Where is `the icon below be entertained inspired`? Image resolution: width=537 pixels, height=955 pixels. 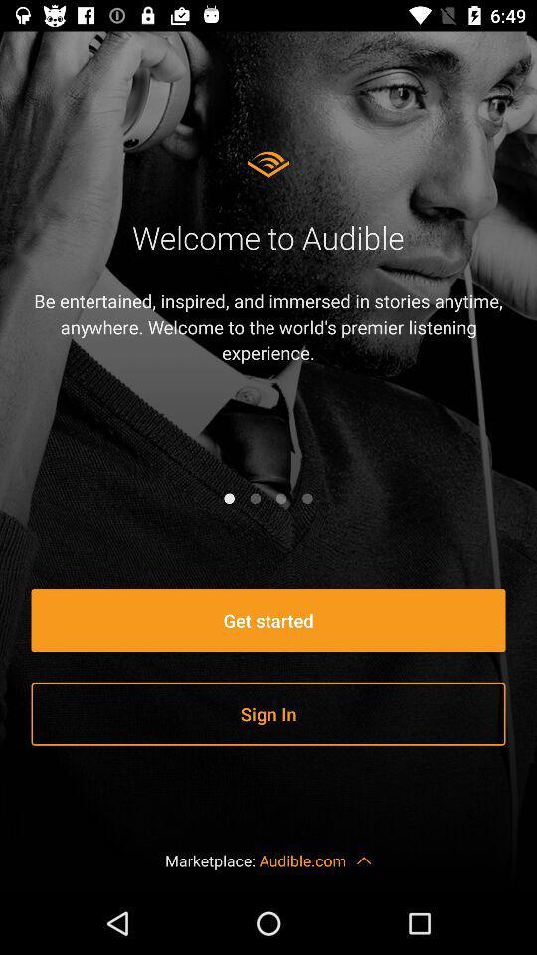 the icon below be entertained inspired is located at coordinates (307, 497).